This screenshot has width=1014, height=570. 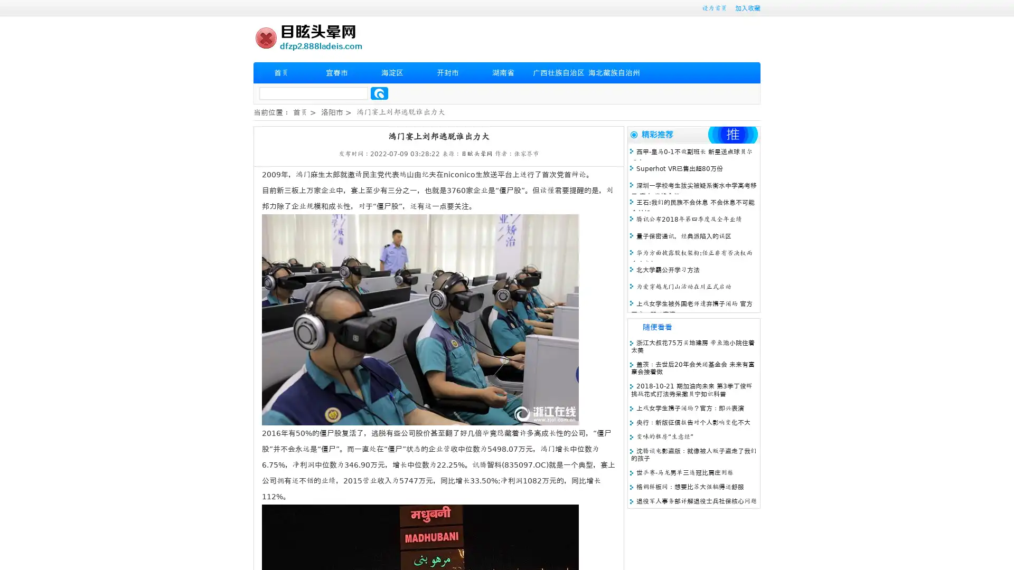 I want to click on Search, so click(x=379, y=93).